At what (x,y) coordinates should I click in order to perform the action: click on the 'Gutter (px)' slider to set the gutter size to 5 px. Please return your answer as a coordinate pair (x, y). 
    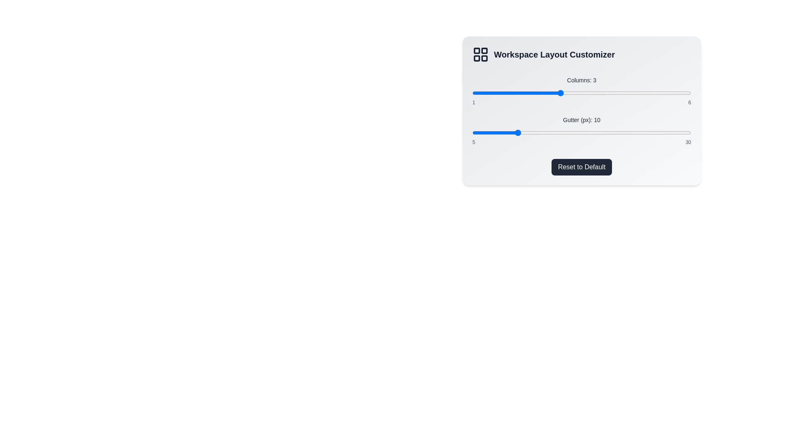
    Looking at the image, I should click on (472, 132).